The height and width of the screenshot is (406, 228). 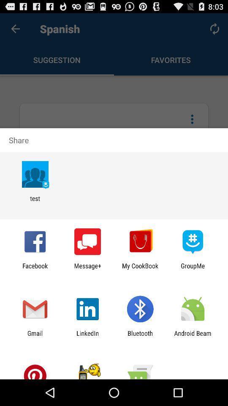 I want to click on the bluetooth icon, so click(x=140, y=337).